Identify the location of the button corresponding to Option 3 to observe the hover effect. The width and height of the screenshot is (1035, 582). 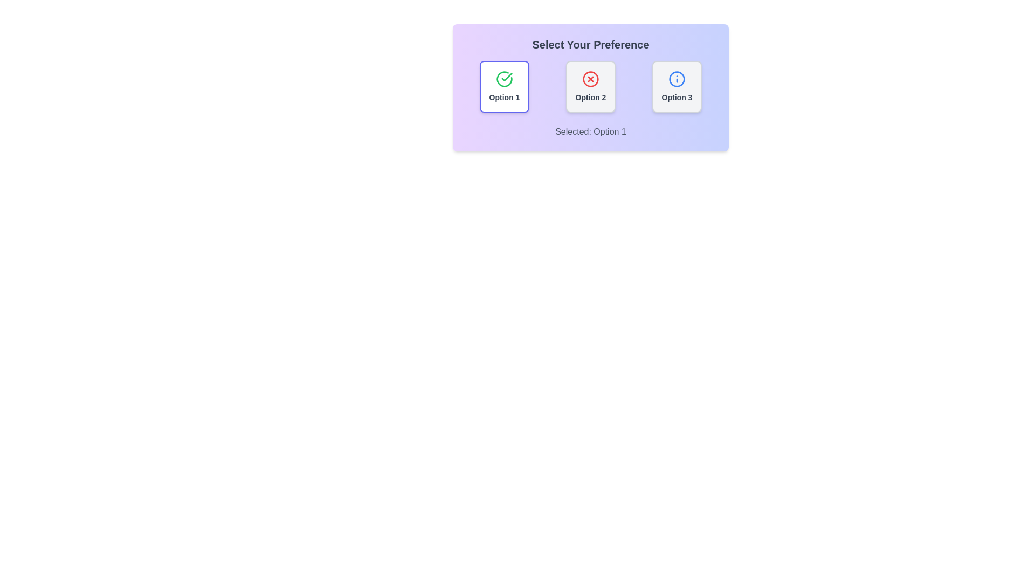
(677, 86).